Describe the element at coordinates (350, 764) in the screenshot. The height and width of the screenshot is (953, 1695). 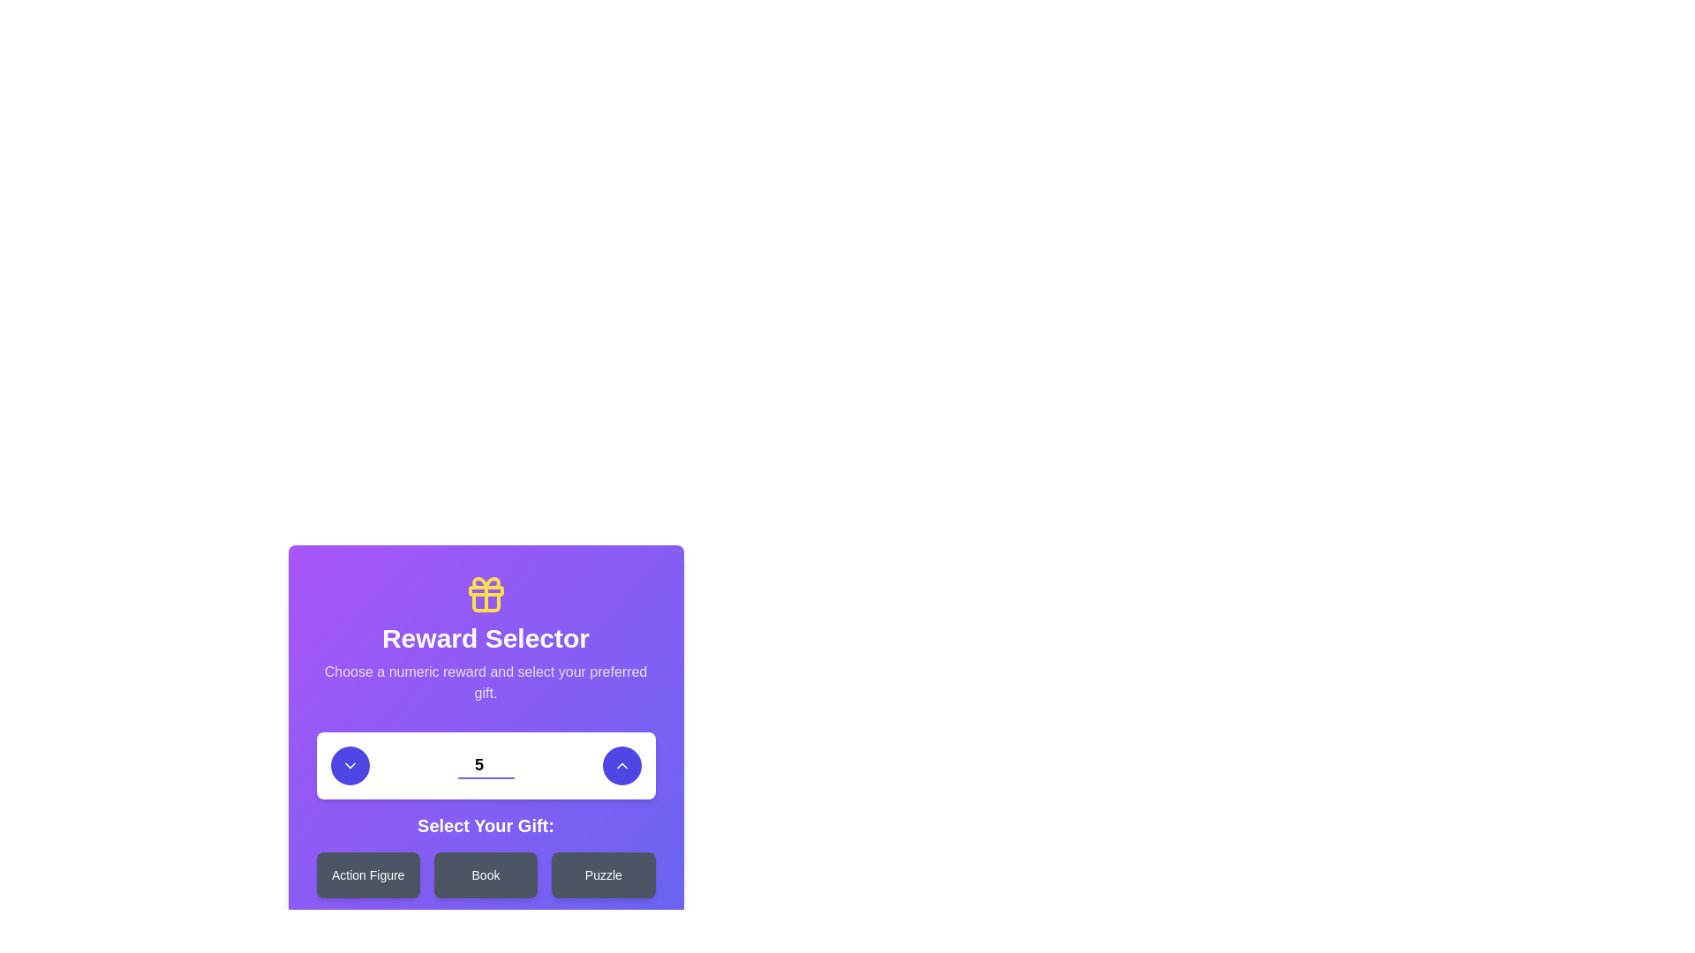
I see `the leftmost circular button with a downward pointing chevron icon, which has an indigo-blue background, to decrease the value` at that location.